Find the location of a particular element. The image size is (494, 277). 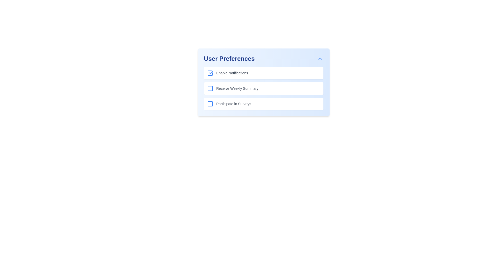

the blue checkbox with a checkmark located to the left of the 'Enable Notifications' label in the 'User Preferences' section is located at coordinates (210, 73).